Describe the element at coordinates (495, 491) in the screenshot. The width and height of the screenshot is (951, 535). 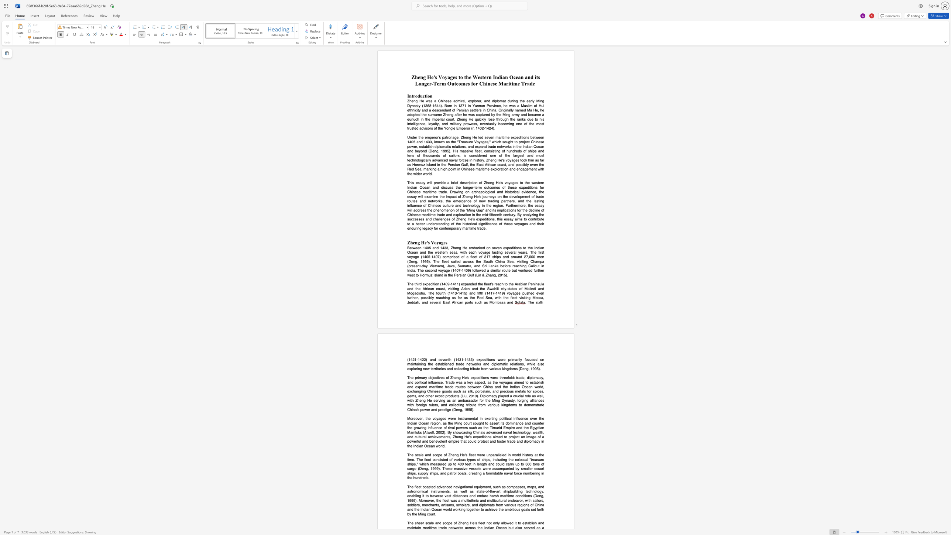
I see `the subset text "art" within the text "state-of-the-art"` at that location.